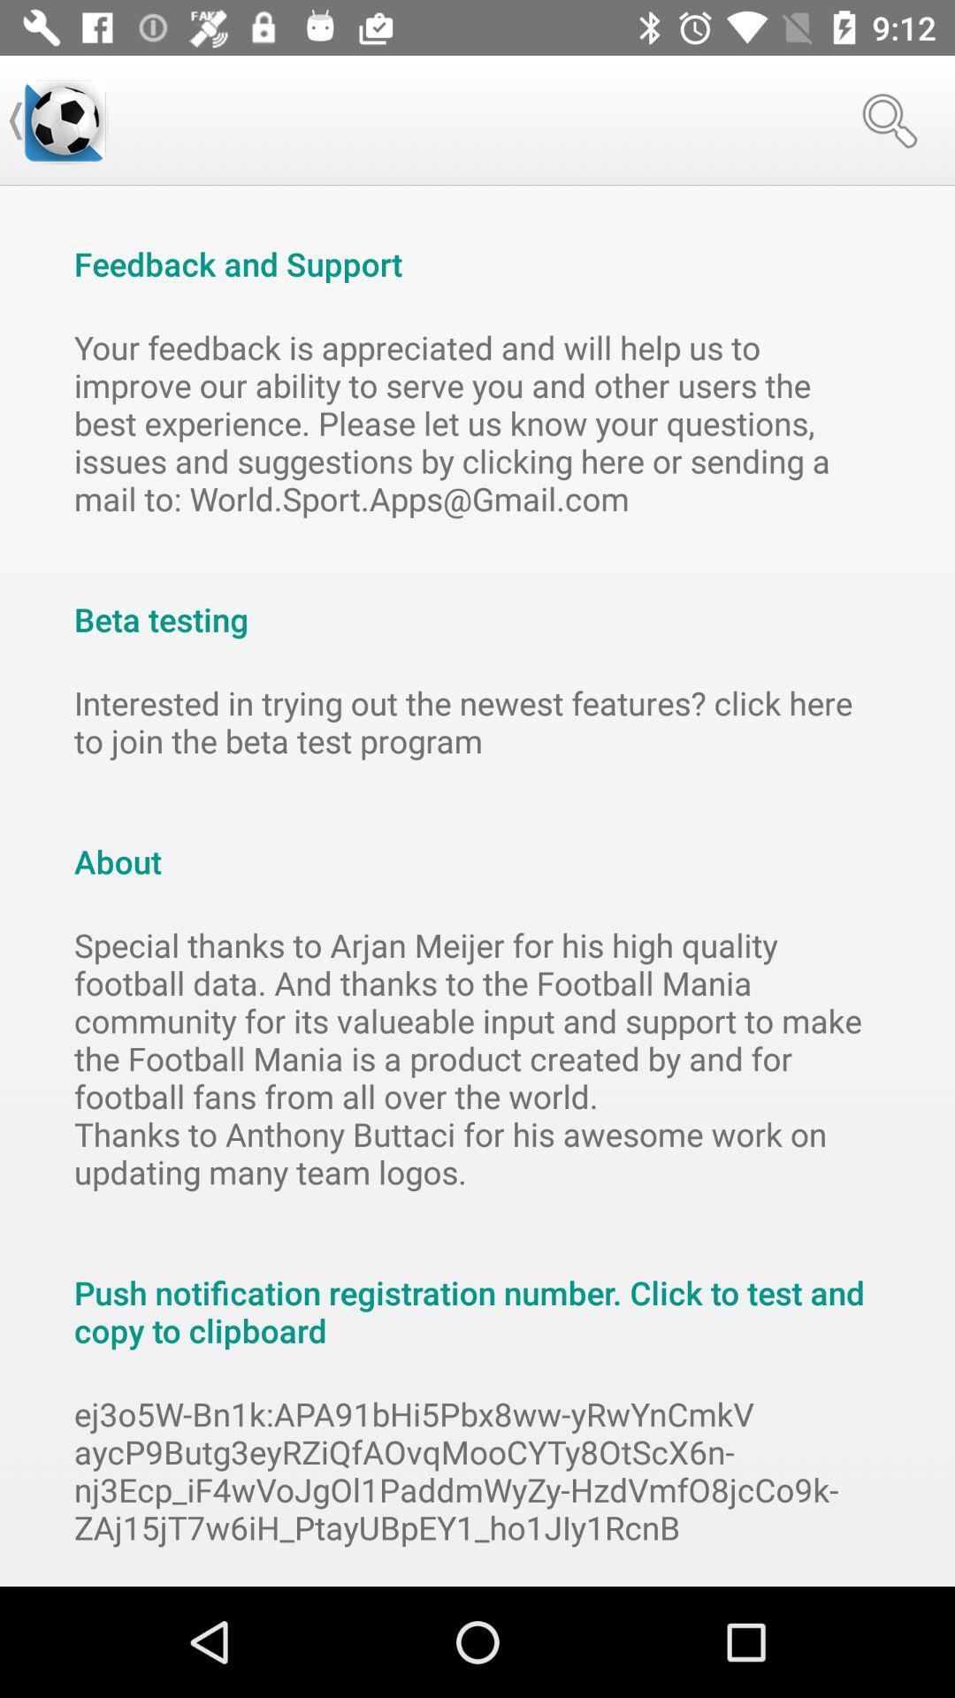 This screenshot has width=955, height=1698. Describe the element at coordinates (477, 422) in the screenshot. I see `your feedback is item` at that location.